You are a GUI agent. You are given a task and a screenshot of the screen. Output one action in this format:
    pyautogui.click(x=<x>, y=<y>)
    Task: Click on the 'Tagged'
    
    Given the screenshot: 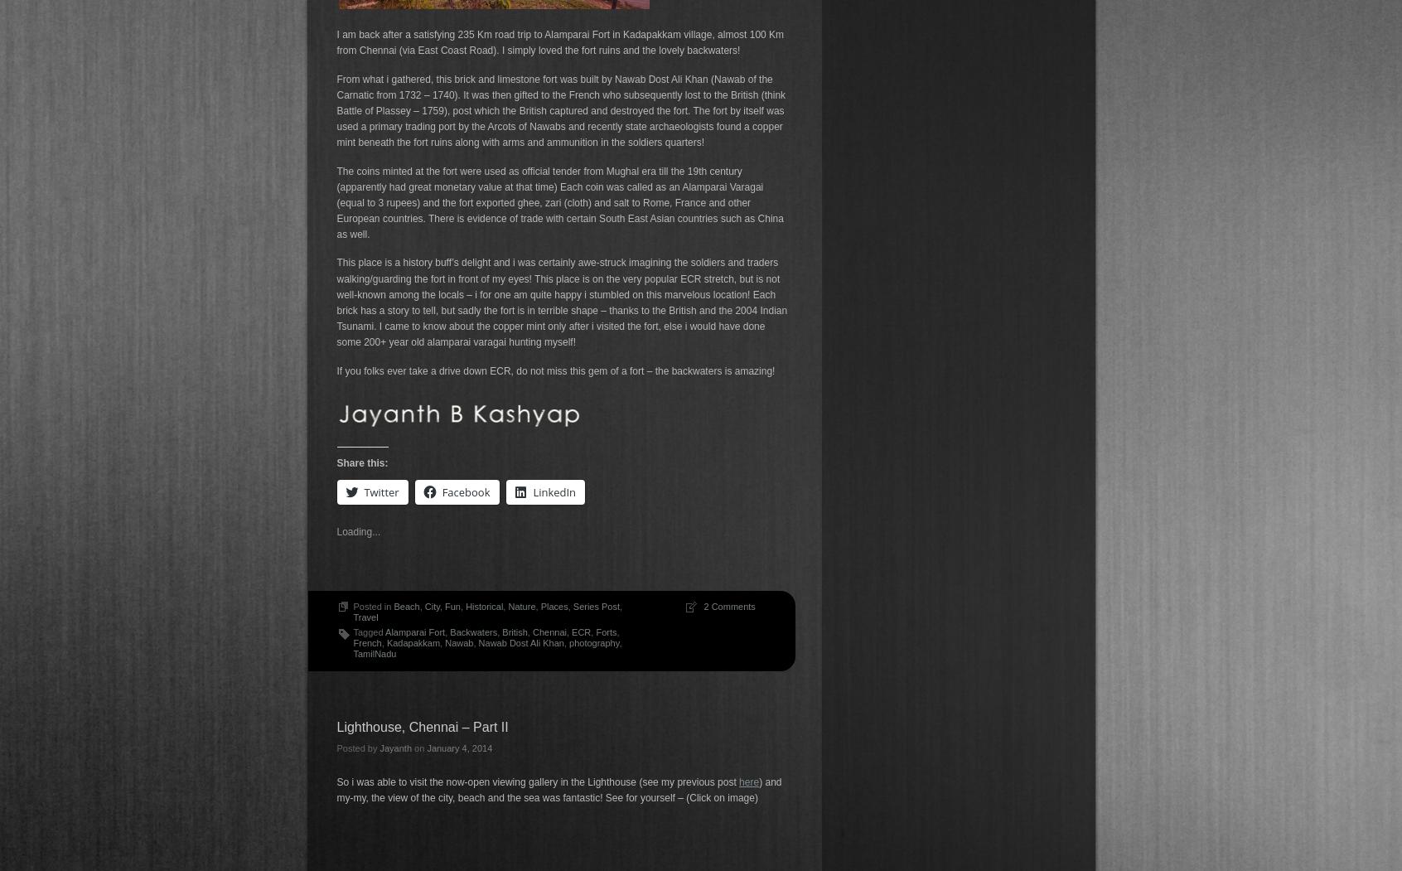 What is the action you would take?
    pyautogui.click(x=368, y=631)
    